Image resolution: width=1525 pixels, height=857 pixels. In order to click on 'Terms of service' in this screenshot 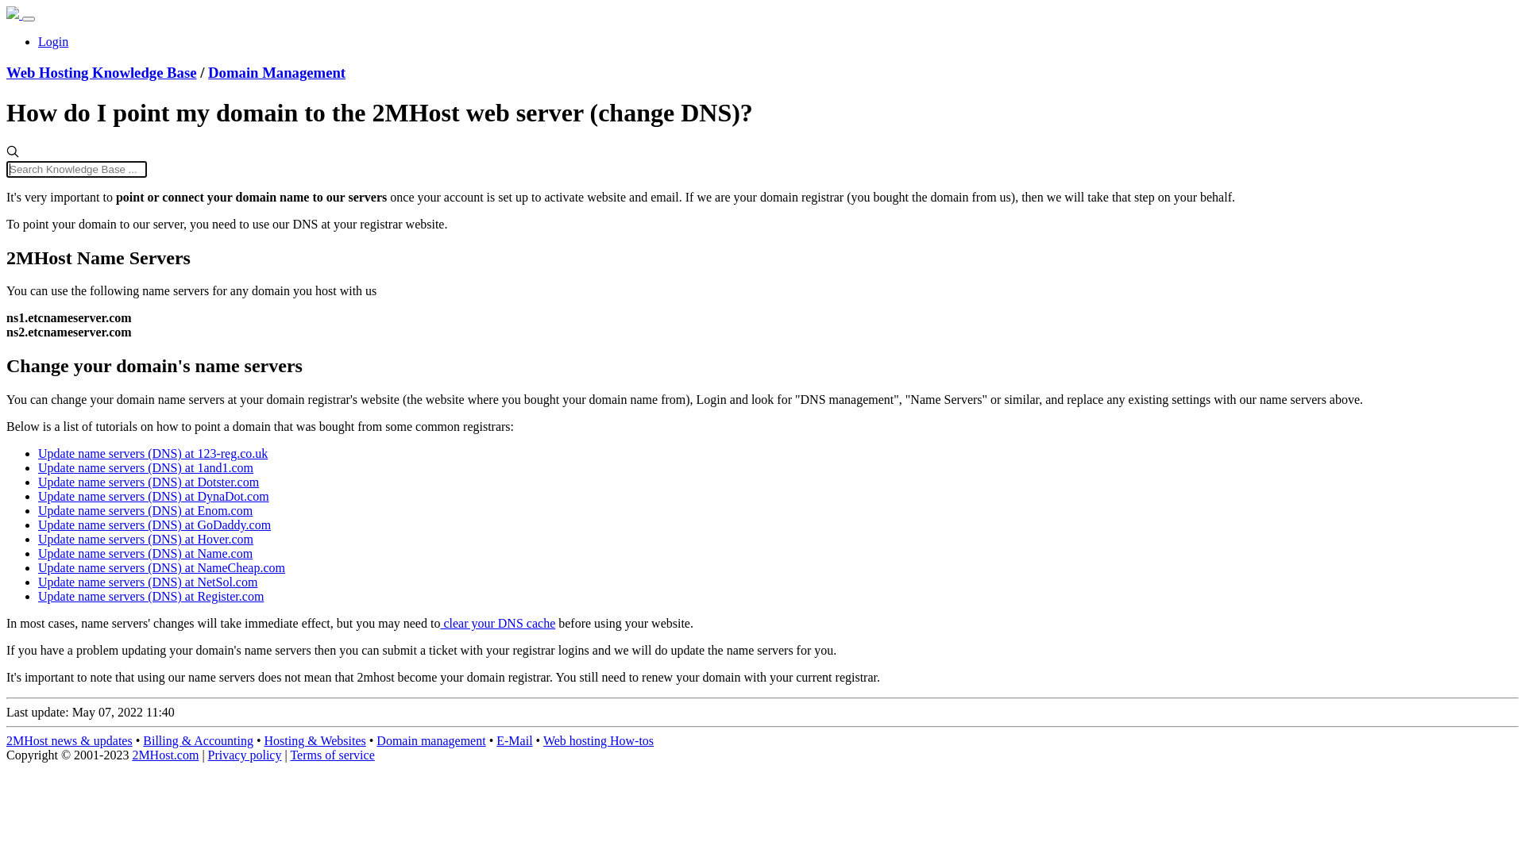, I will do `click(330, 754)`.